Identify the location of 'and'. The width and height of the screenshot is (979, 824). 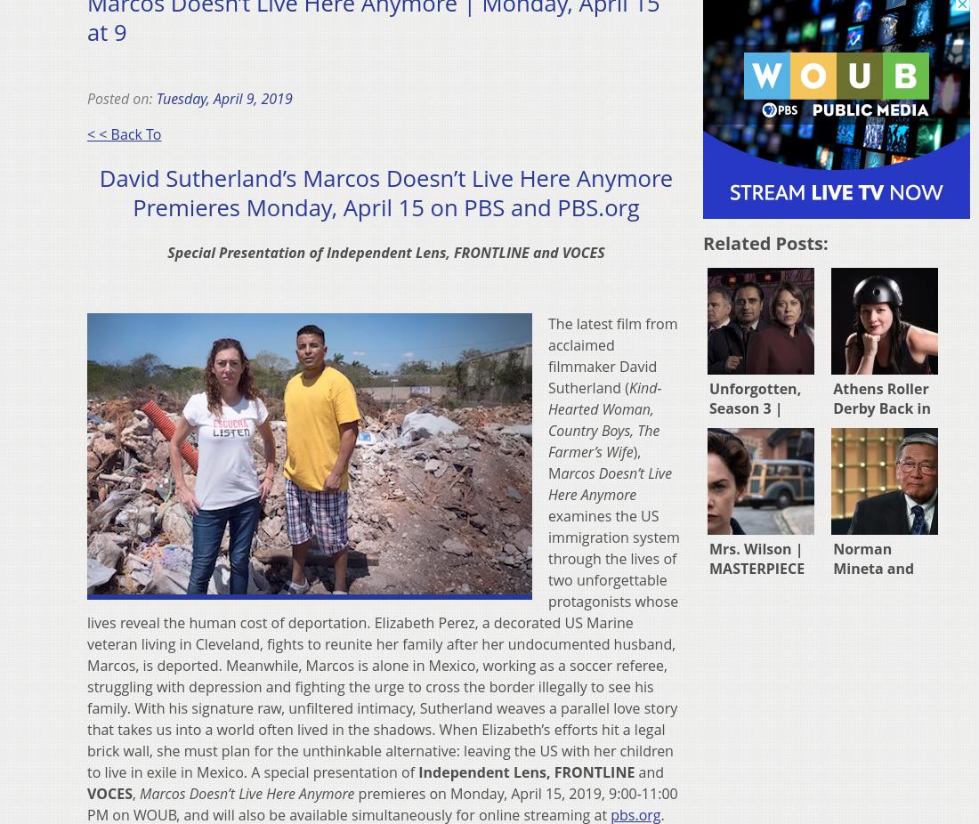
(648, 771).